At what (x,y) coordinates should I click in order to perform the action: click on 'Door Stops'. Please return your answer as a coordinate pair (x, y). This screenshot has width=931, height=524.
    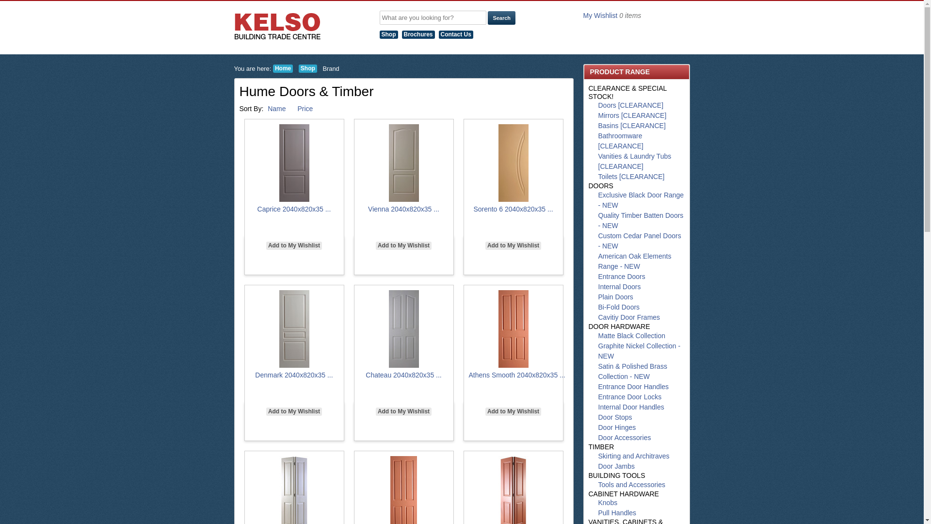
    Looking at the image, I should click on (597, 417).